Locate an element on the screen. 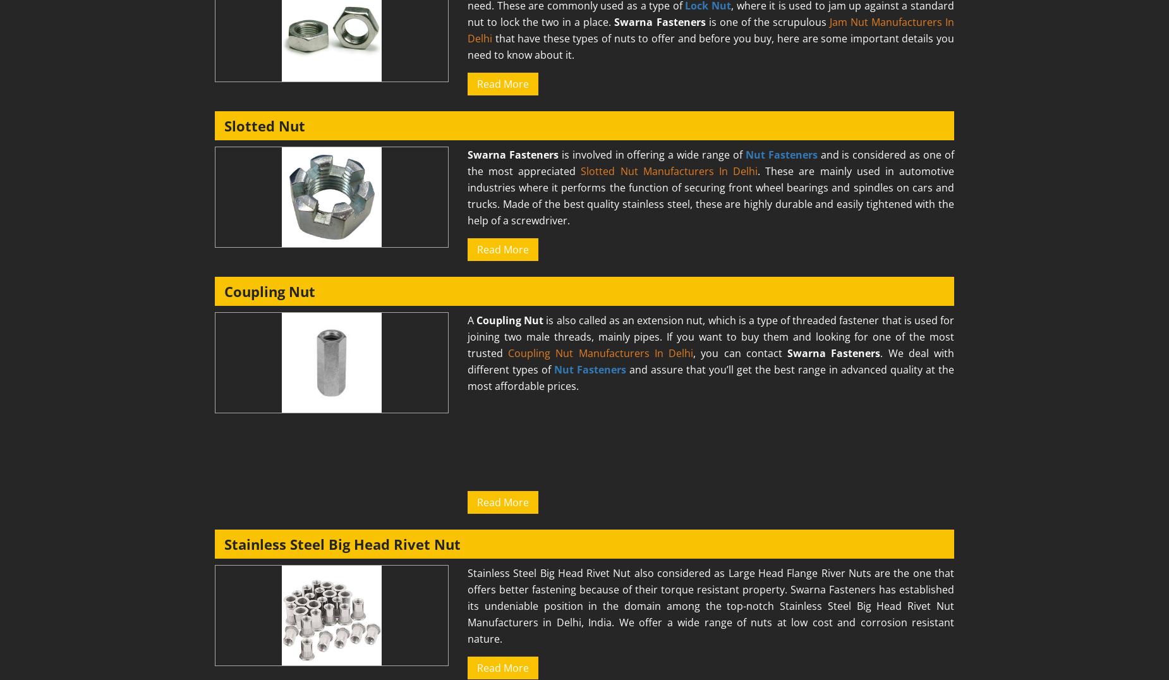 The width and height of the screenshot is (1169, 680). 'and is considered as one of the most appreciated' is located at coordinates (710, 163).